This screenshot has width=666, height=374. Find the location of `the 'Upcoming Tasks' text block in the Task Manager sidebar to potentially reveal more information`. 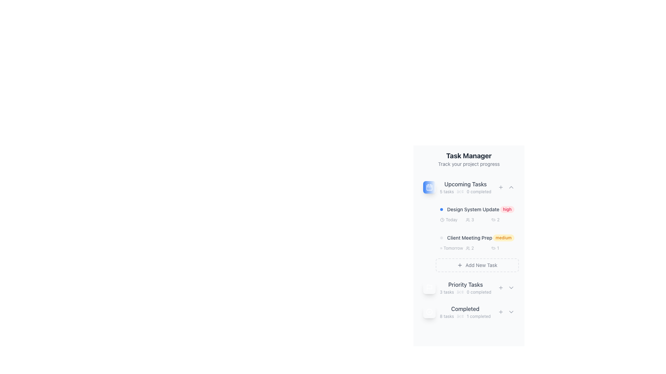

the 'Upcoming Tasks' text block in the Task Manager sidebar to potentially reveal more information is located at coordinates (466, 187).